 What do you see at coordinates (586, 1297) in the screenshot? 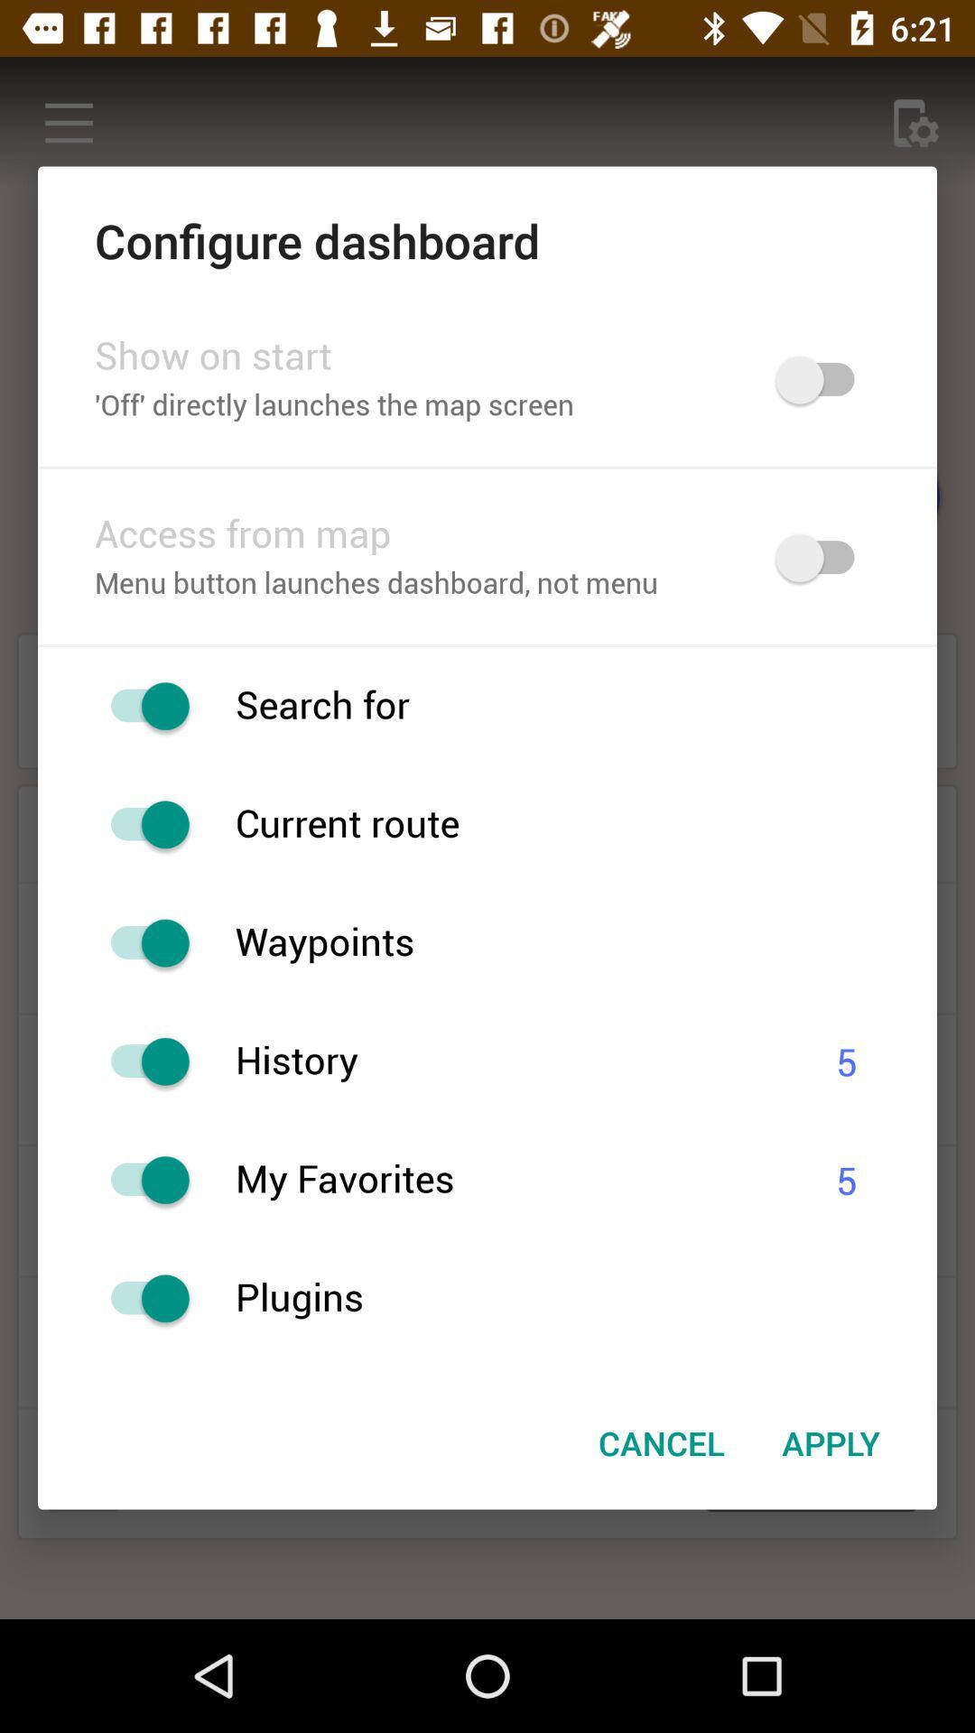
I see `plugins` at bounding box center [586, 1297].